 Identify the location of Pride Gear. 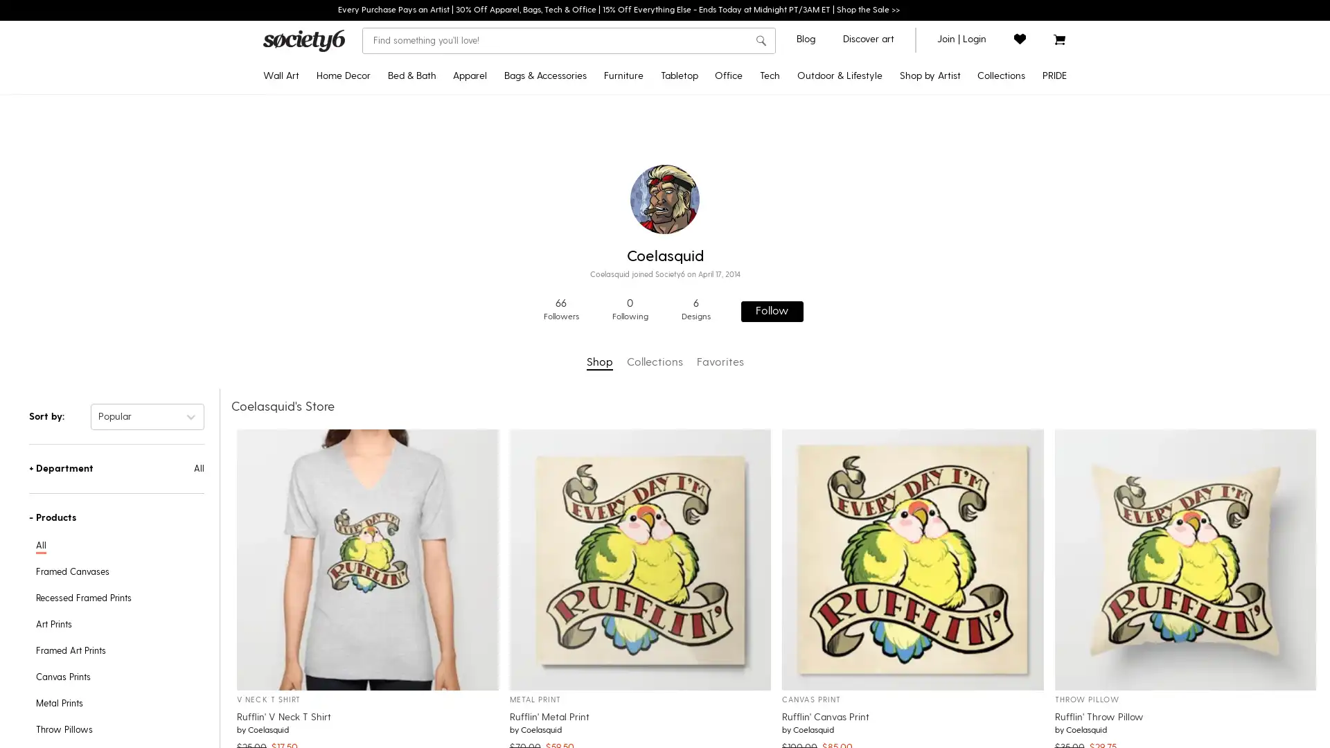
(999, 155).